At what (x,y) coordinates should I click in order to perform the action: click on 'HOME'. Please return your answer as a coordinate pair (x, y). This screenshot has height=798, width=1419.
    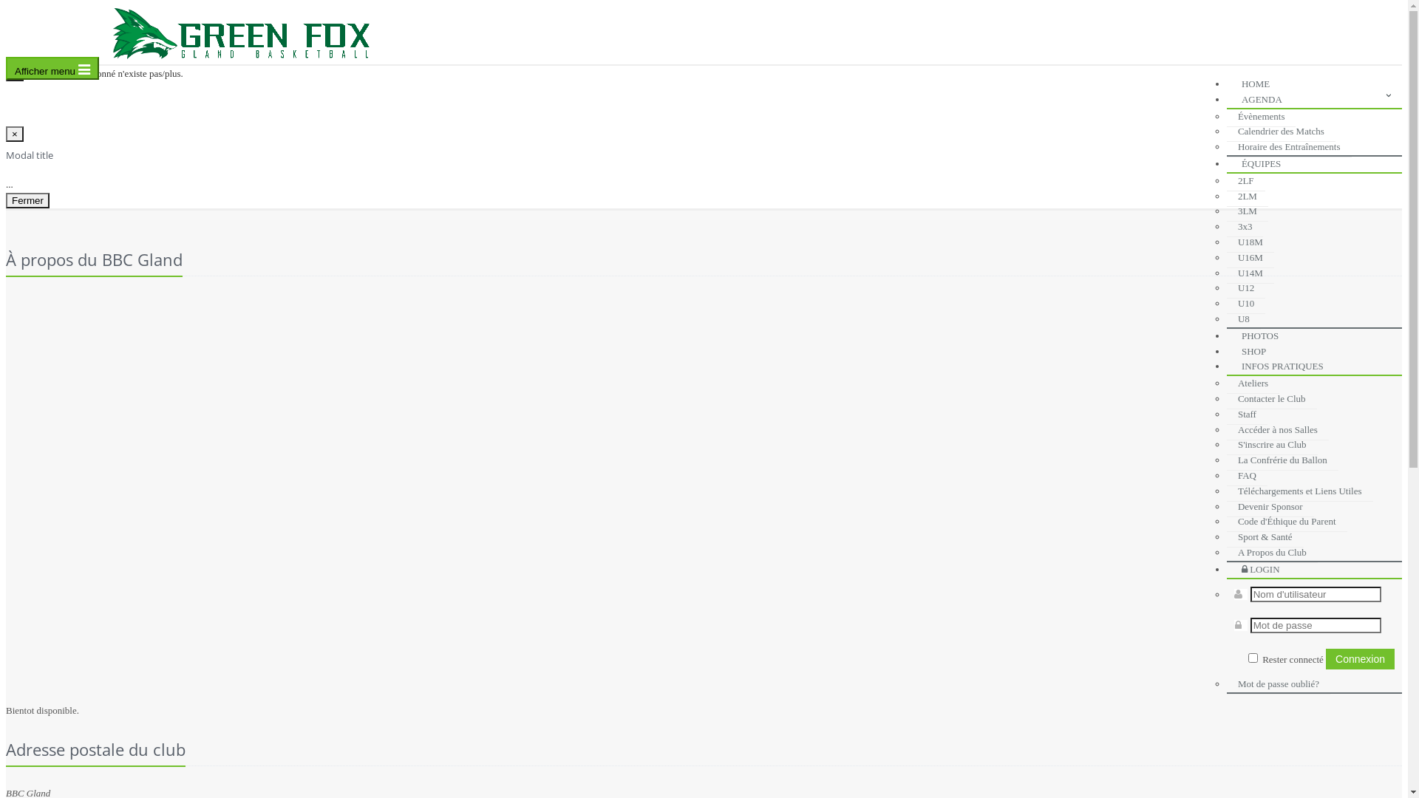
    Looking at the image, I should click on (1259, 82).